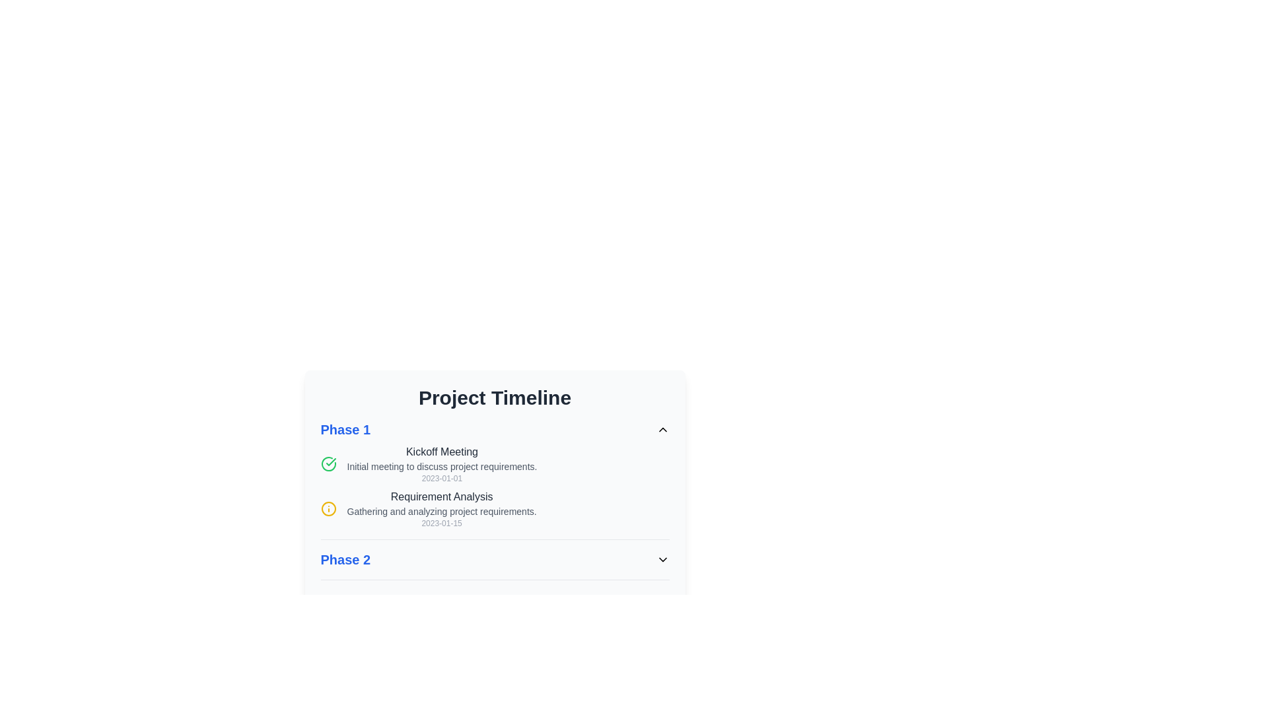  What do you see at coordinates (442, 508) in the screenshot?
I see `text from the Text Block located below 'Phase 1' and 'Kickoff Meeting', which provides details about a specific task or stage in a project timeline` at bounding box center [442, 508].